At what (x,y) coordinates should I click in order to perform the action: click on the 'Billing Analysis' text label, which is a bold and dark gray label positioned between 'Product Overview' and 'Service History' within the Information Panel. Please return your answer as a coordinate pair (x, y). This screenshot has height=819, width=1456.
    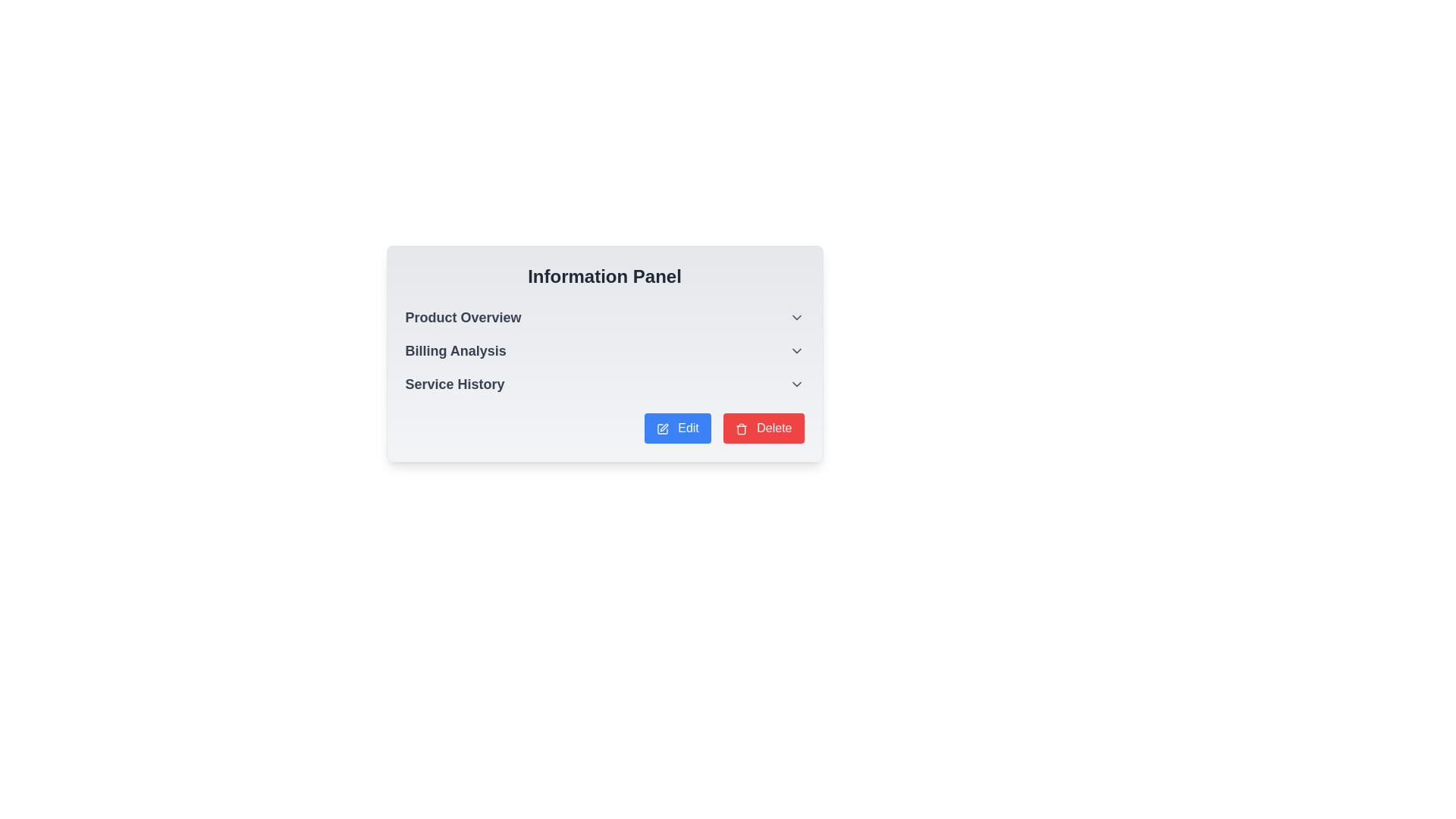
    Looking at the image, I should click on (455, 350).